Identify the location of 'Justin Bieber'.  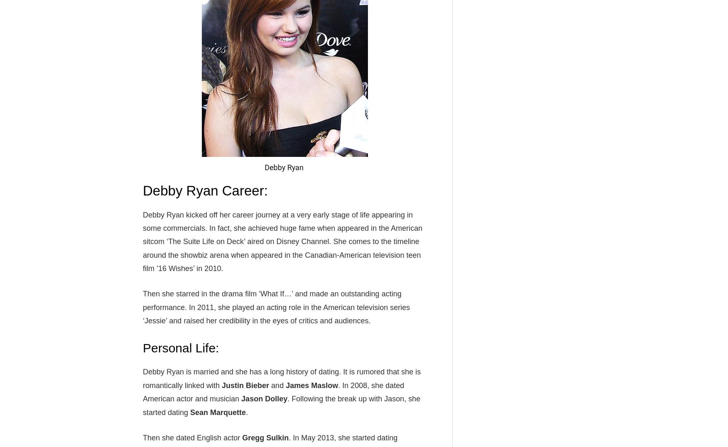
(245, 385).